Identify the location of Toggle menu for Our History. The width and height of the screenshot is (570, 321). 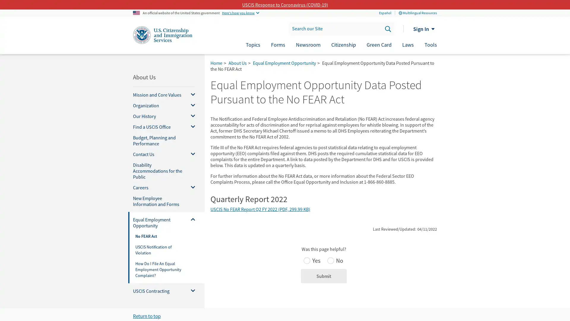
(191, 116).